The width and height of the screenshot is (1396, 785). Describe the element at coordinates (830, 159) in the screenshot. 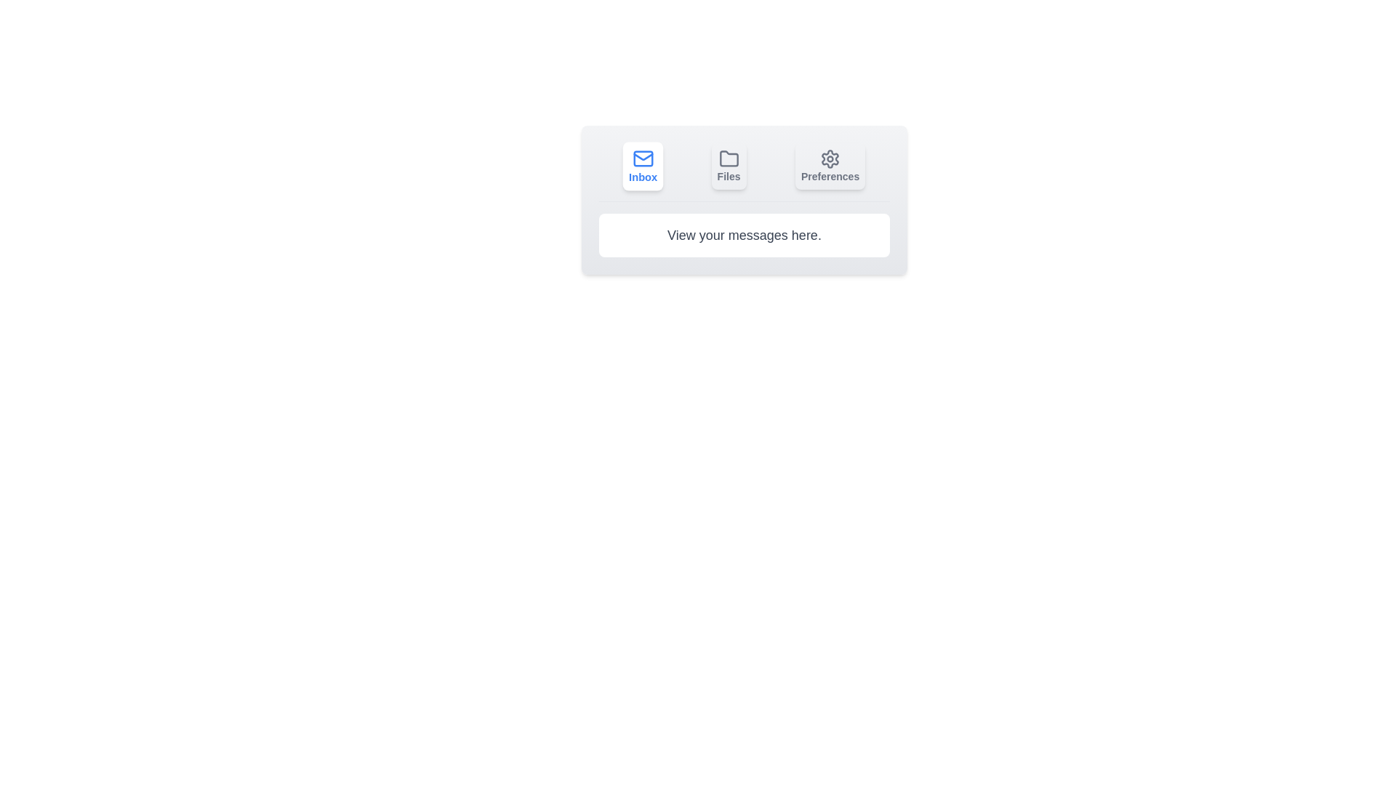

I see `the cogwheel icon button, which represents settings or preferences` at that location.